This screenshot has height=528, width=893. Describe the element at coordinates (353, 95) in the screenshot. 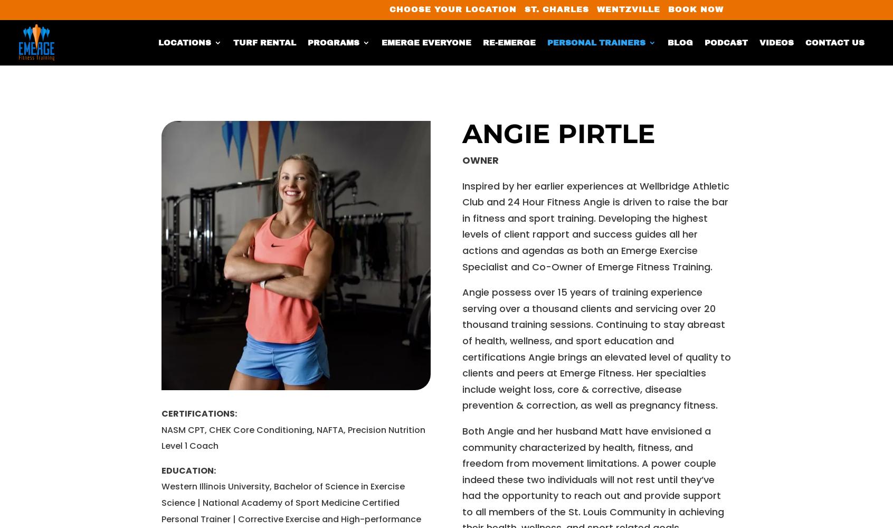

I see `'Personal Training'` at that location.